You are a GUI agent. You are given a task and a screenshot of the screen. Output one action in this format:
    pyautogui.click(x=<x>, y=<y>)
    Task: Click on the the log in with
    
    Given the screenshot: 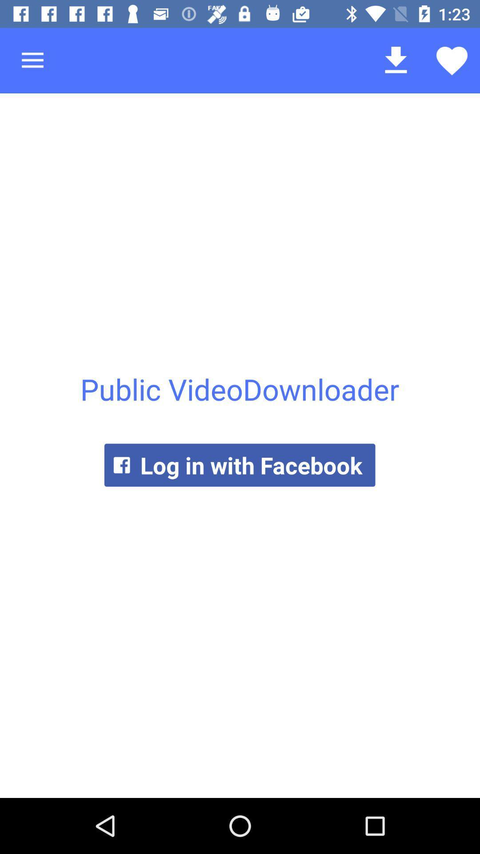 What is the action you would take?
    pyautogui.click(x=239, y=464)
    